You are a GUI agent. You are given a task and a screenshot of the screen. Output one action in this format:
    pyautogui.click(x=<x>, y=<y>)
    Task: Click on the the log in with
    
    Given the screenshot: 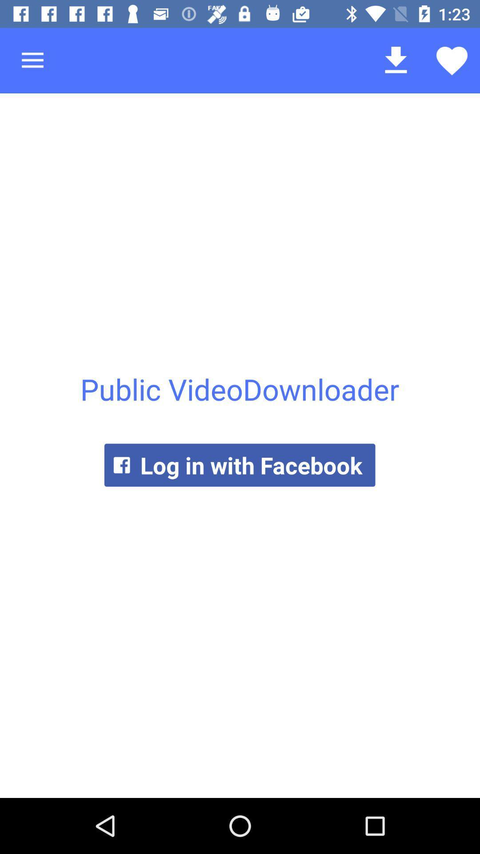 What is the action you would take?
    pyautogui.click(x=239, y=464)
    